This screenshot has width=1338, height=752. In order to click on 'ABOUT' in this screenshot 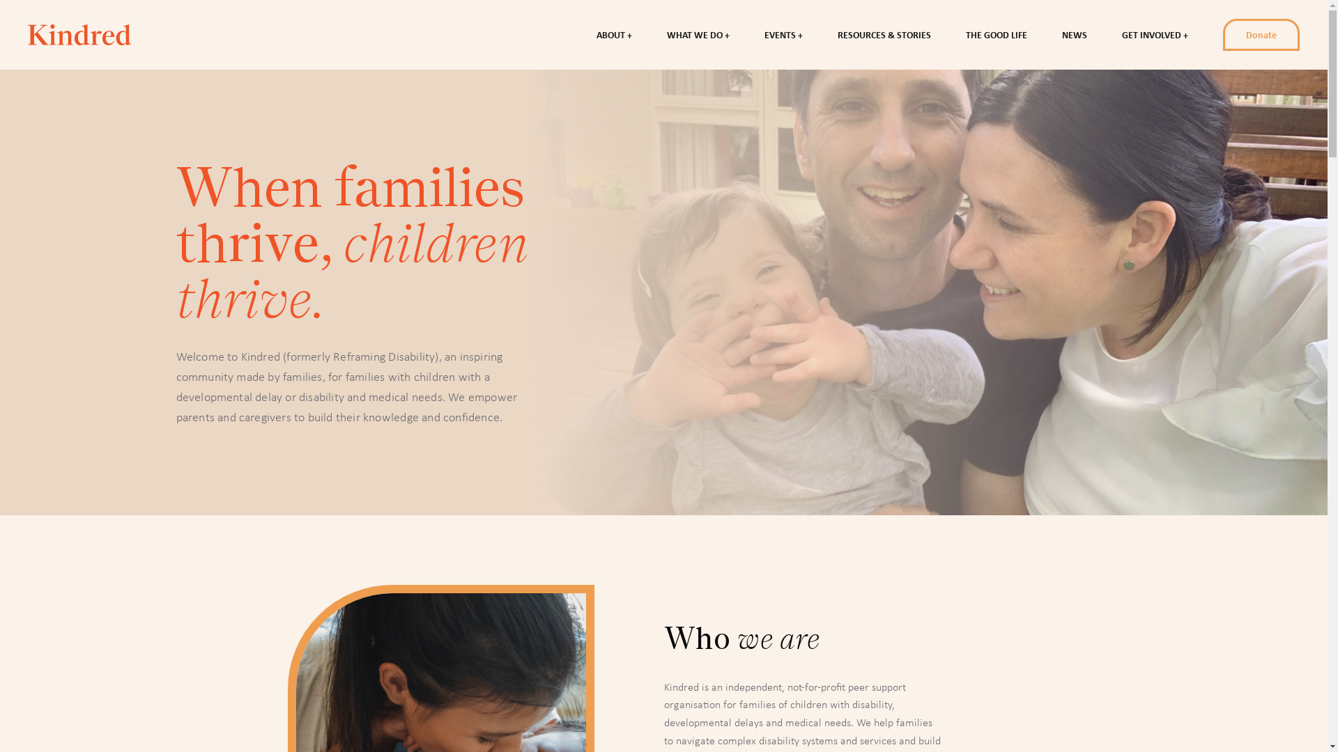, I will do `click(613, 34)`.